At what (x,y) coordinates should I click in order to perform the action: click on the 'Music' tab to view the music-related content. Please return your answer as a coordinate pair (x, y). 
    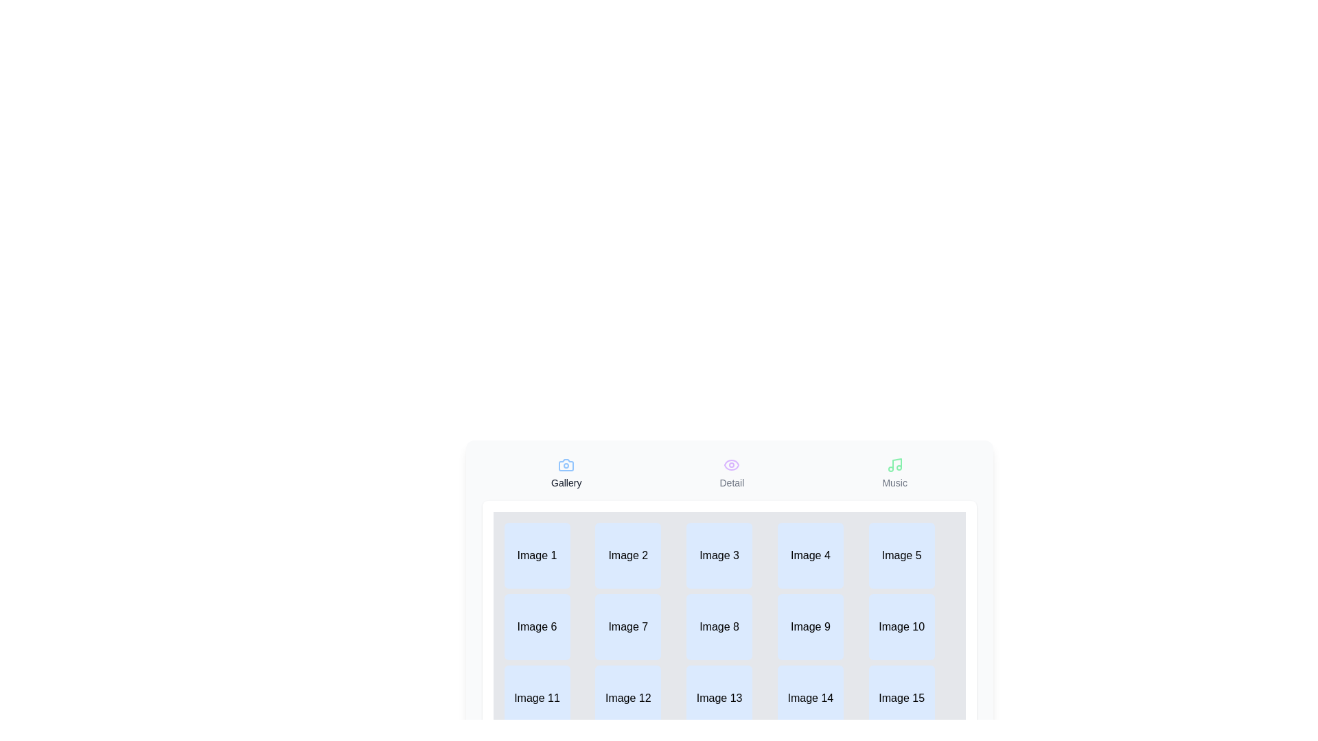
    Looking at the image, I should click on (894, 473).